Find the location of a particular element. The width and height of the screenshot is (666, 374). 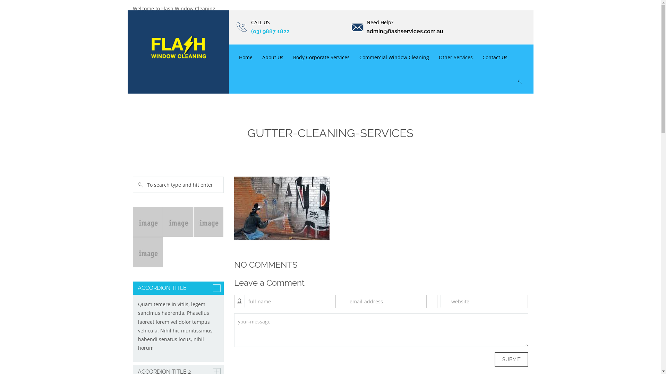

'Body Corporate Services' is located at coordinates (288, 56).